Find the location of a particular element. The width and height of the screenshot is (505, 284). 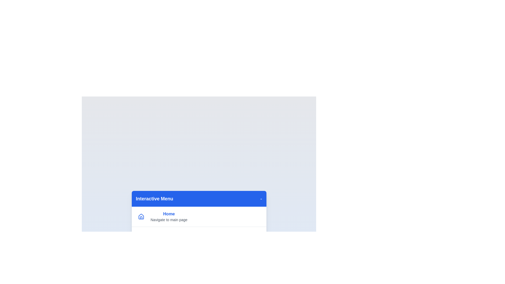

the toggle button to hide the menu is located at coordinates (261, 199).